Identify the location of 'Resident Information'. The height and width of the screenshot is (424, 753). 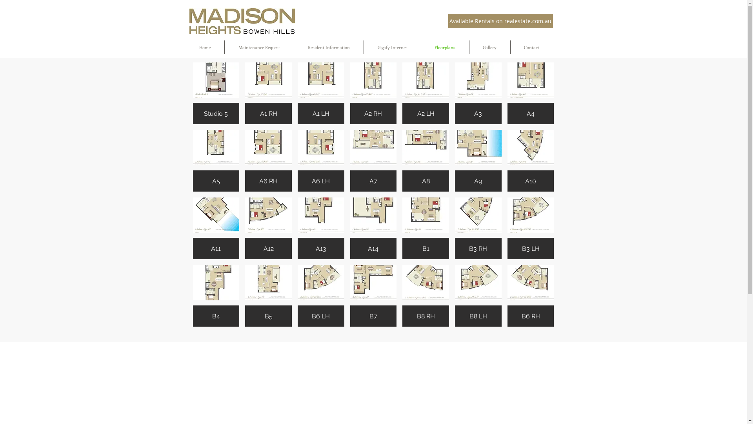
(293, 47).